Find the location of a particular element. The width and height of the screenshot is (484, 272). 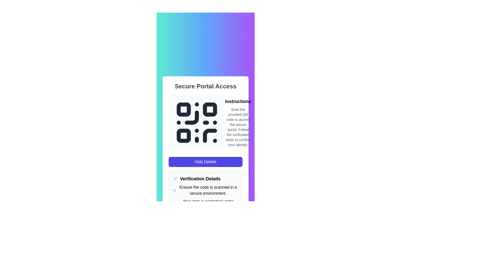

the blue magnifying glass search icon located in the verification details section is located at coordinates (174, 190).